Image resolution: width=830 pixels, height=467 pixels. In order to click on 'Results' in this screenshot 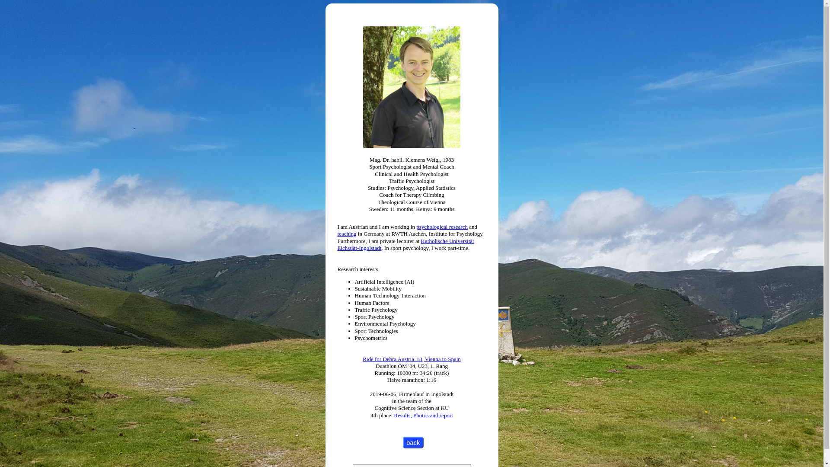, I will do `click(402, 414)`.